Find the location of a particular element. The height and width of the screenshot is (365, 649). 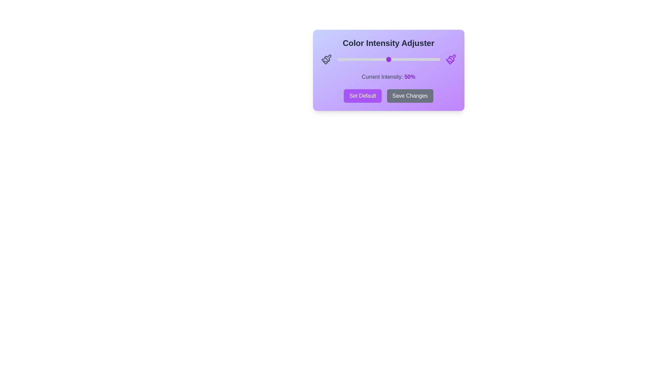

the slider to set the intensity to 53% is located at coordinates (391, 59).